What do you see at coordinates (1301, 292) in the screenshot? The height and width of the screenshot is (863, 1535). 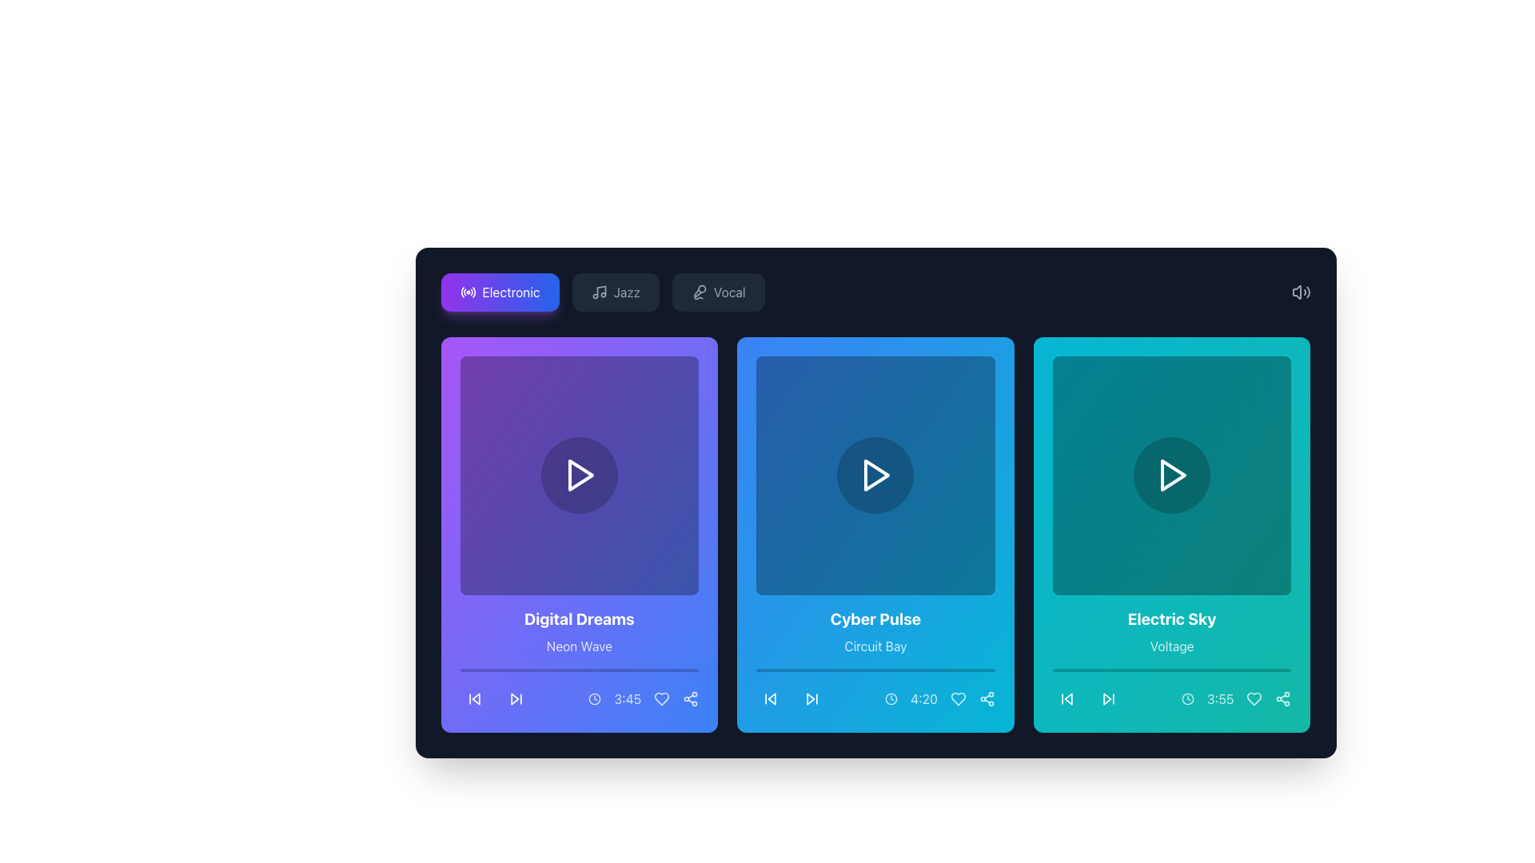 I see `the speaker icon with sound waves in the top-right corner of the interface` at bounding box center [1301, 292].